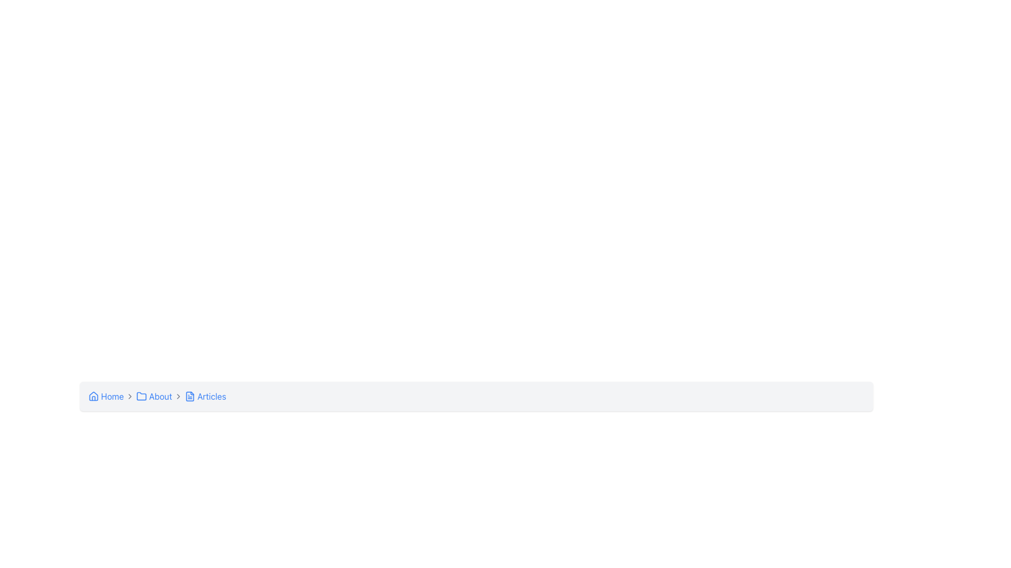  What do you see at coordinates (205, 396) in the screenshot?
I see `the clickable link labeled 'Articles' in the breadcrumb navigation bar` at bounding box center [205, 396].